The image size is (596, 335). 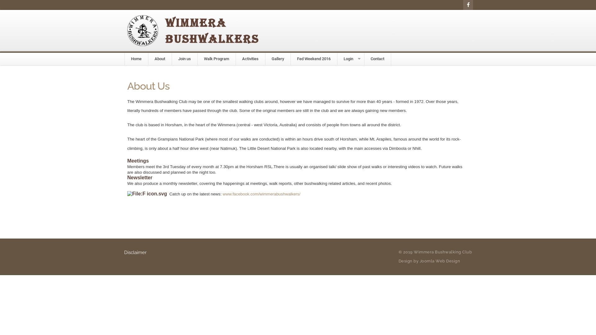 I want to click on 'Facebook', so click(x=463, y=5).